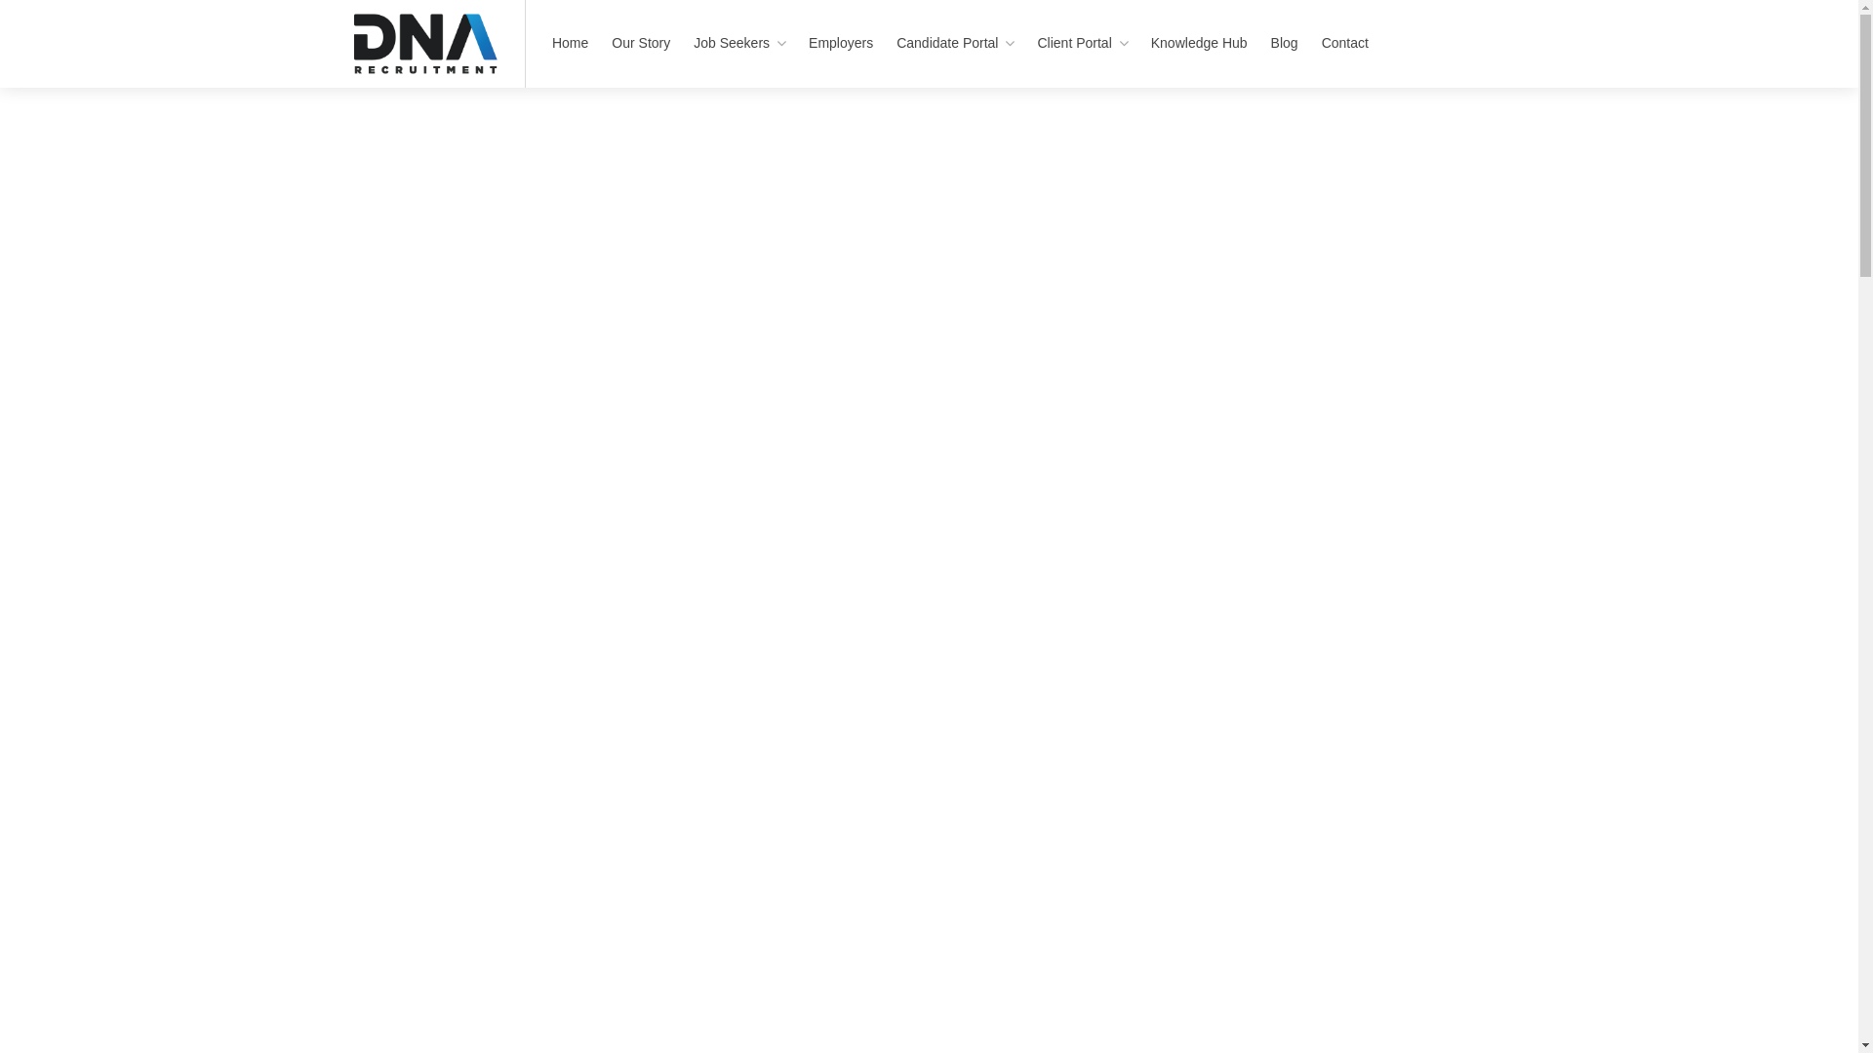  Describe the element at coordinates (1080, 43) in the screenshot. I see `'Client Portal'` at that location.